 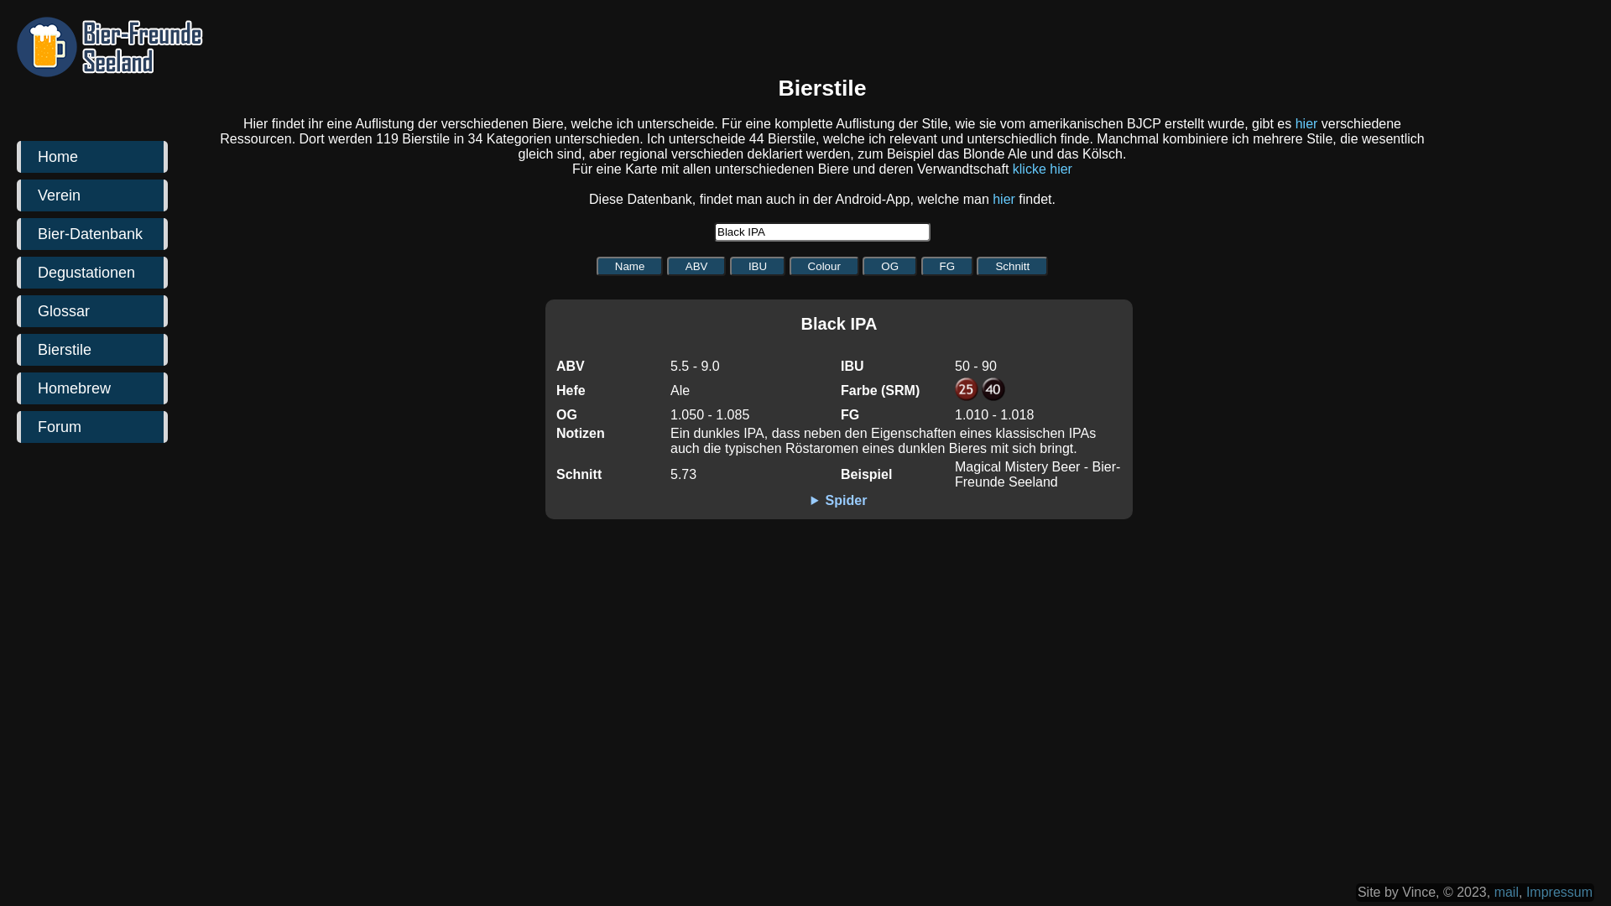 I want to click on 'Glossar', so click(x=91, y=310).